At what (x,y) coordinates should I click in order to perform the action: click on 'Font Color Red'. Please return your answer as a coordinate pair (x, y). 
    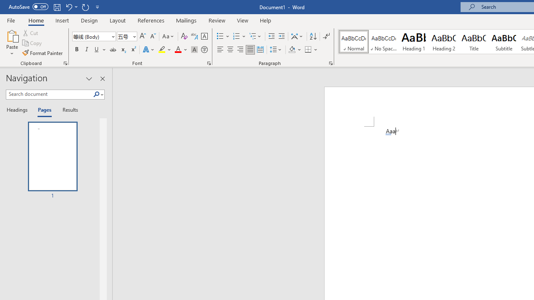
    Looking at the image, I should click on (177, 50).